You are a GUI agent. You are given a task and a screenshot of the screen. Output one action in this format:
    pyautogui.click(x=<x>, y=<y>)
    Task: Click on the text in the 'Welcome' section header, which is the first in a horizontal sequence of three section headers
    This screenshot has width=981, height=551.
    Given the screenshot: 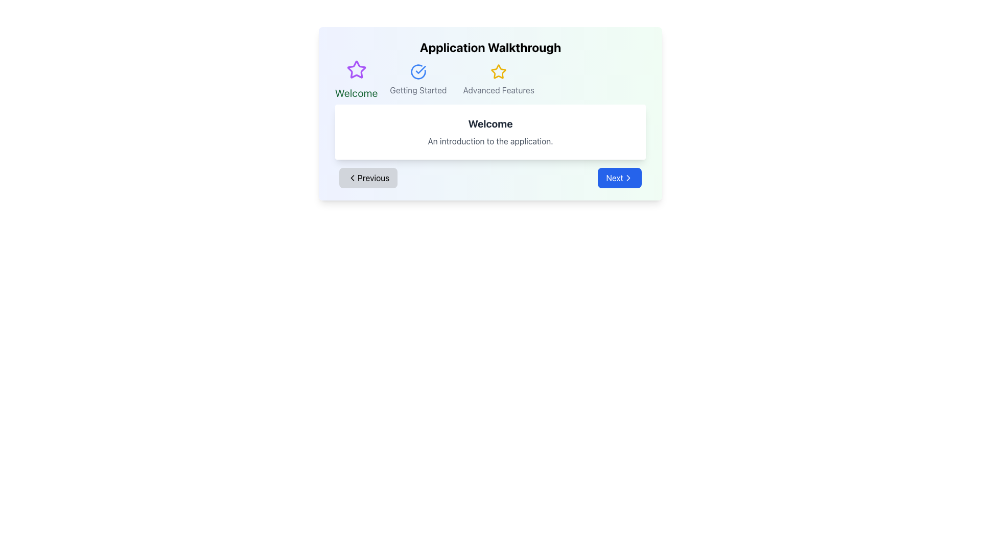 What is the action you would take?
    pyautogui.click(x=356, y=80)
    